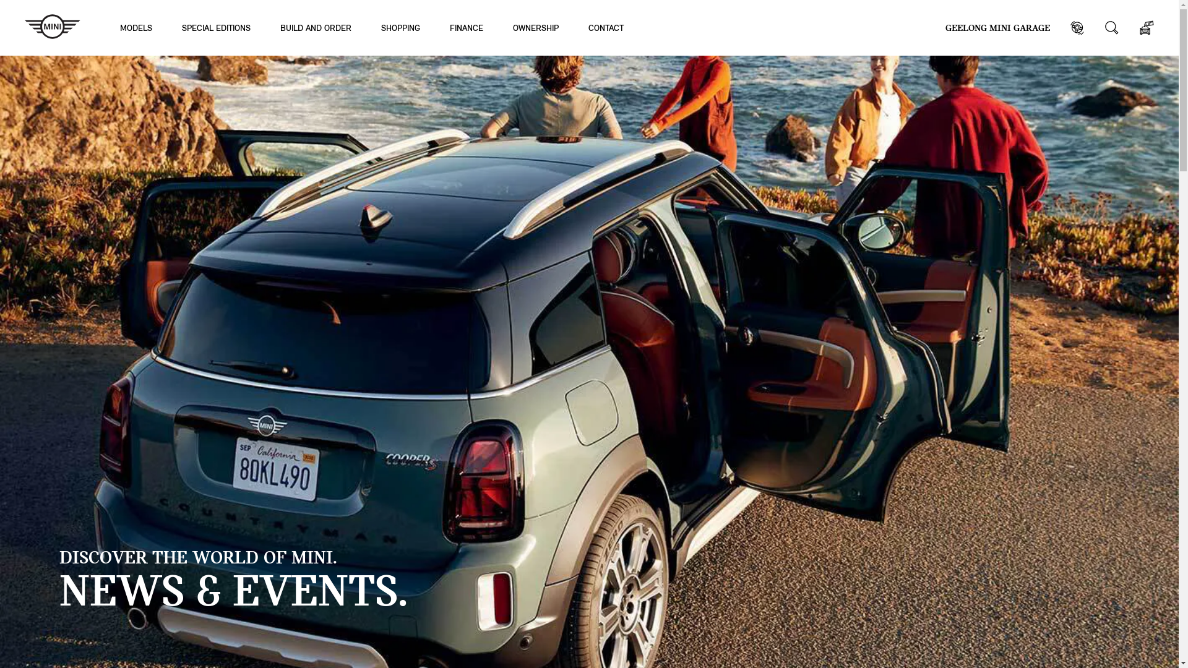  I want to click on 'BUILD AND ORDER', so click(316, 27).